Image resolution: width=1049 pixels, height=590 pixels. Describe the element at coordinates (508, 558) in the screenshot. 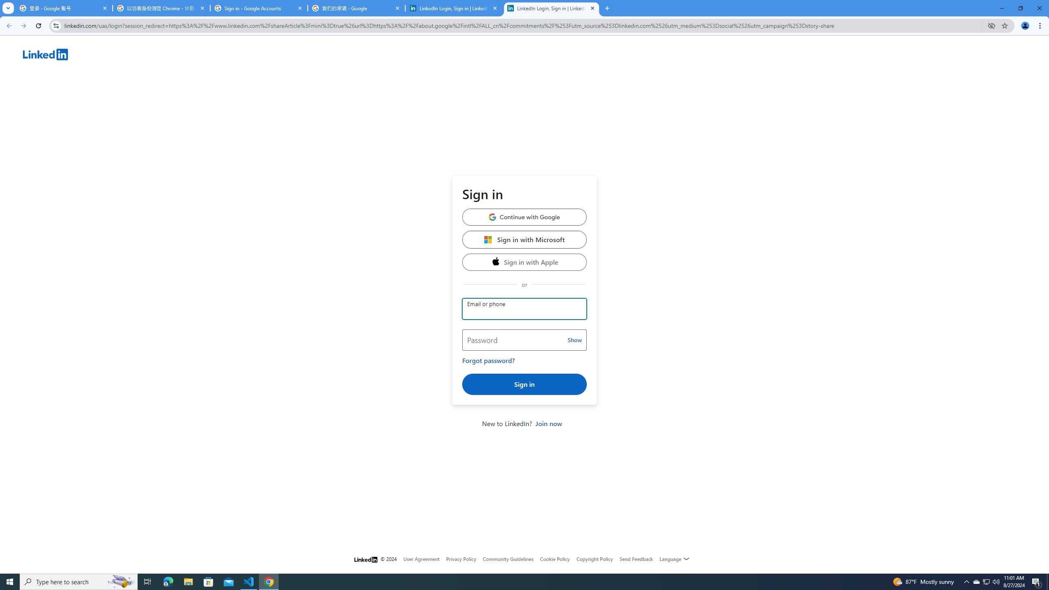

I see `'Community Guidelines'` at that location.